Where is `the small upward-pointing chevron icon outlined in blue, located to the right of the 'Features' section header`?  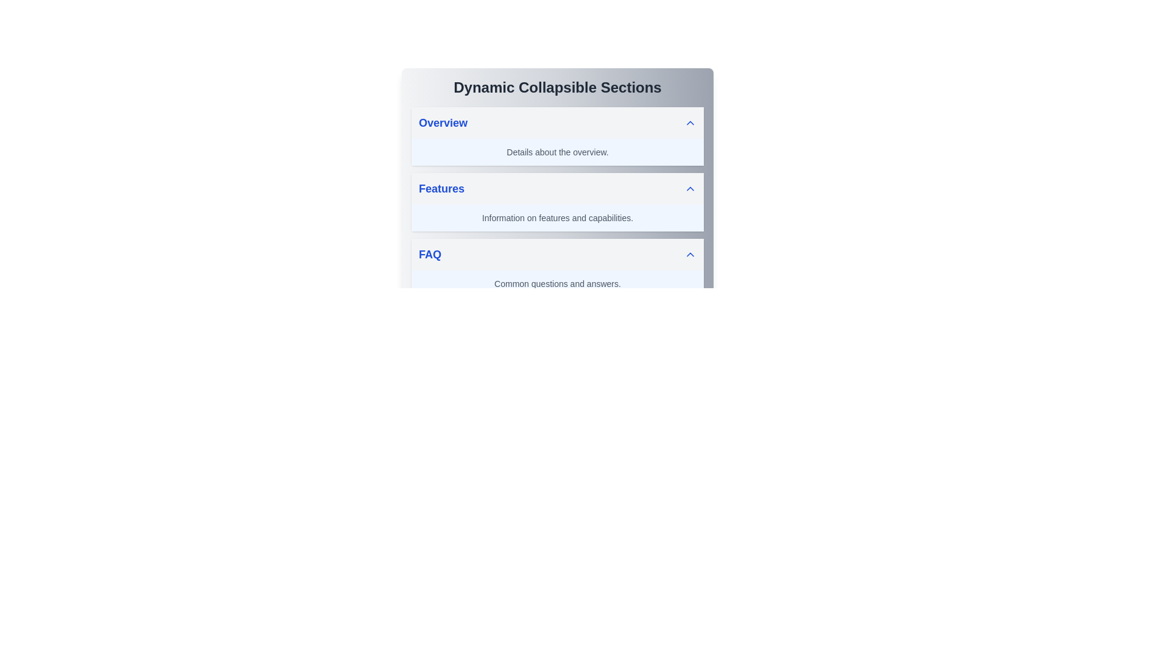 the small upward-pointing chevron icon outlined in blue, located to the right of the 'Features' section header is located at coordinates (690, 188).